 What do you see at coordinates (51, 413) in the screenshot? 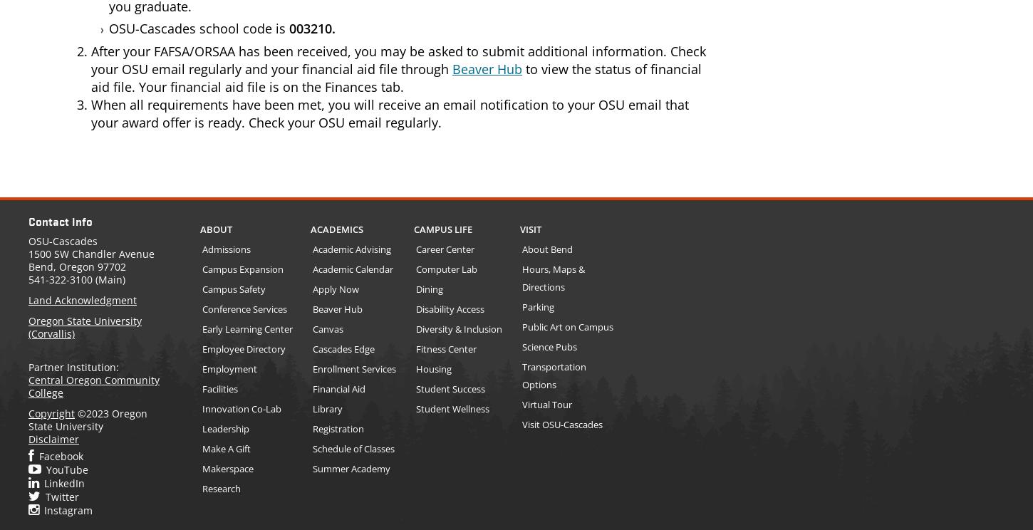
I see `'Copyright'` at bounding box center [51, 413].